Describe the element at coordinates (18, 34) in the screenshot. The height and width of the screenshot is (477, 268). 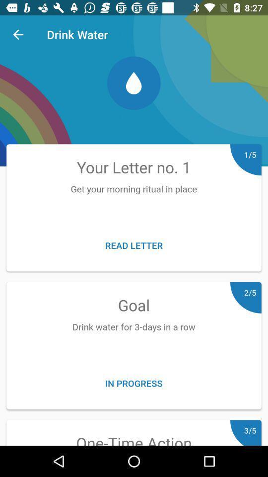
I see `the icon to the left of drink water icon` at that location.